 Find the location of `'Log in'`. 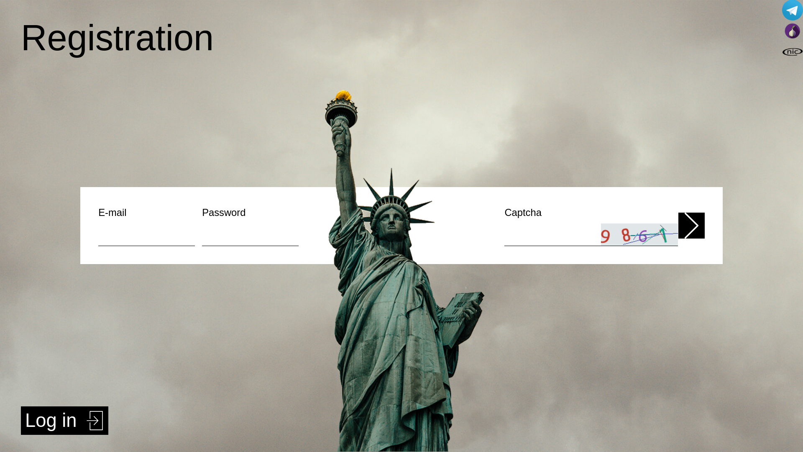

'Log in' is located at coordinates (64, 421).